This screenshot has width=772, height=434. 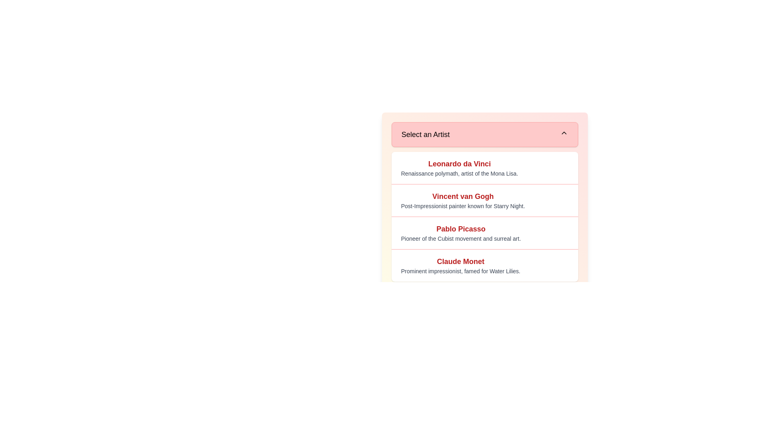 I want to click on the text label displaying 'Vincent van Gogh' in a large, bold red font, positioned in the 'Select an Artist' list between 'Leonardo da Vinci' and 'Pablo Picasso', so click(x=463, y=197).